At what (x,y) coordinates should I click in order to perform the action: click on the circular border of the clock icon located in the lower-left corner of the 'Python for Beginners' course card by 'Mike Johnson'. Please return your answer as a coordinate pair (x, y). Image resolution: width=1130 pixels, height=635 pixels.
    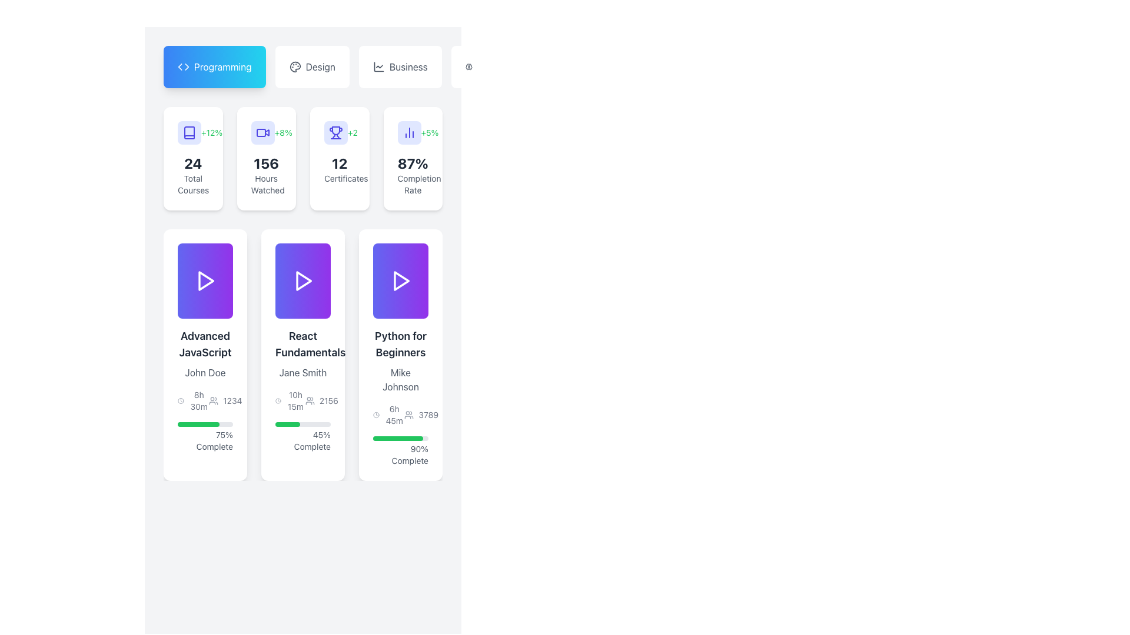
    Looking at the image, I should click on (375, 414).